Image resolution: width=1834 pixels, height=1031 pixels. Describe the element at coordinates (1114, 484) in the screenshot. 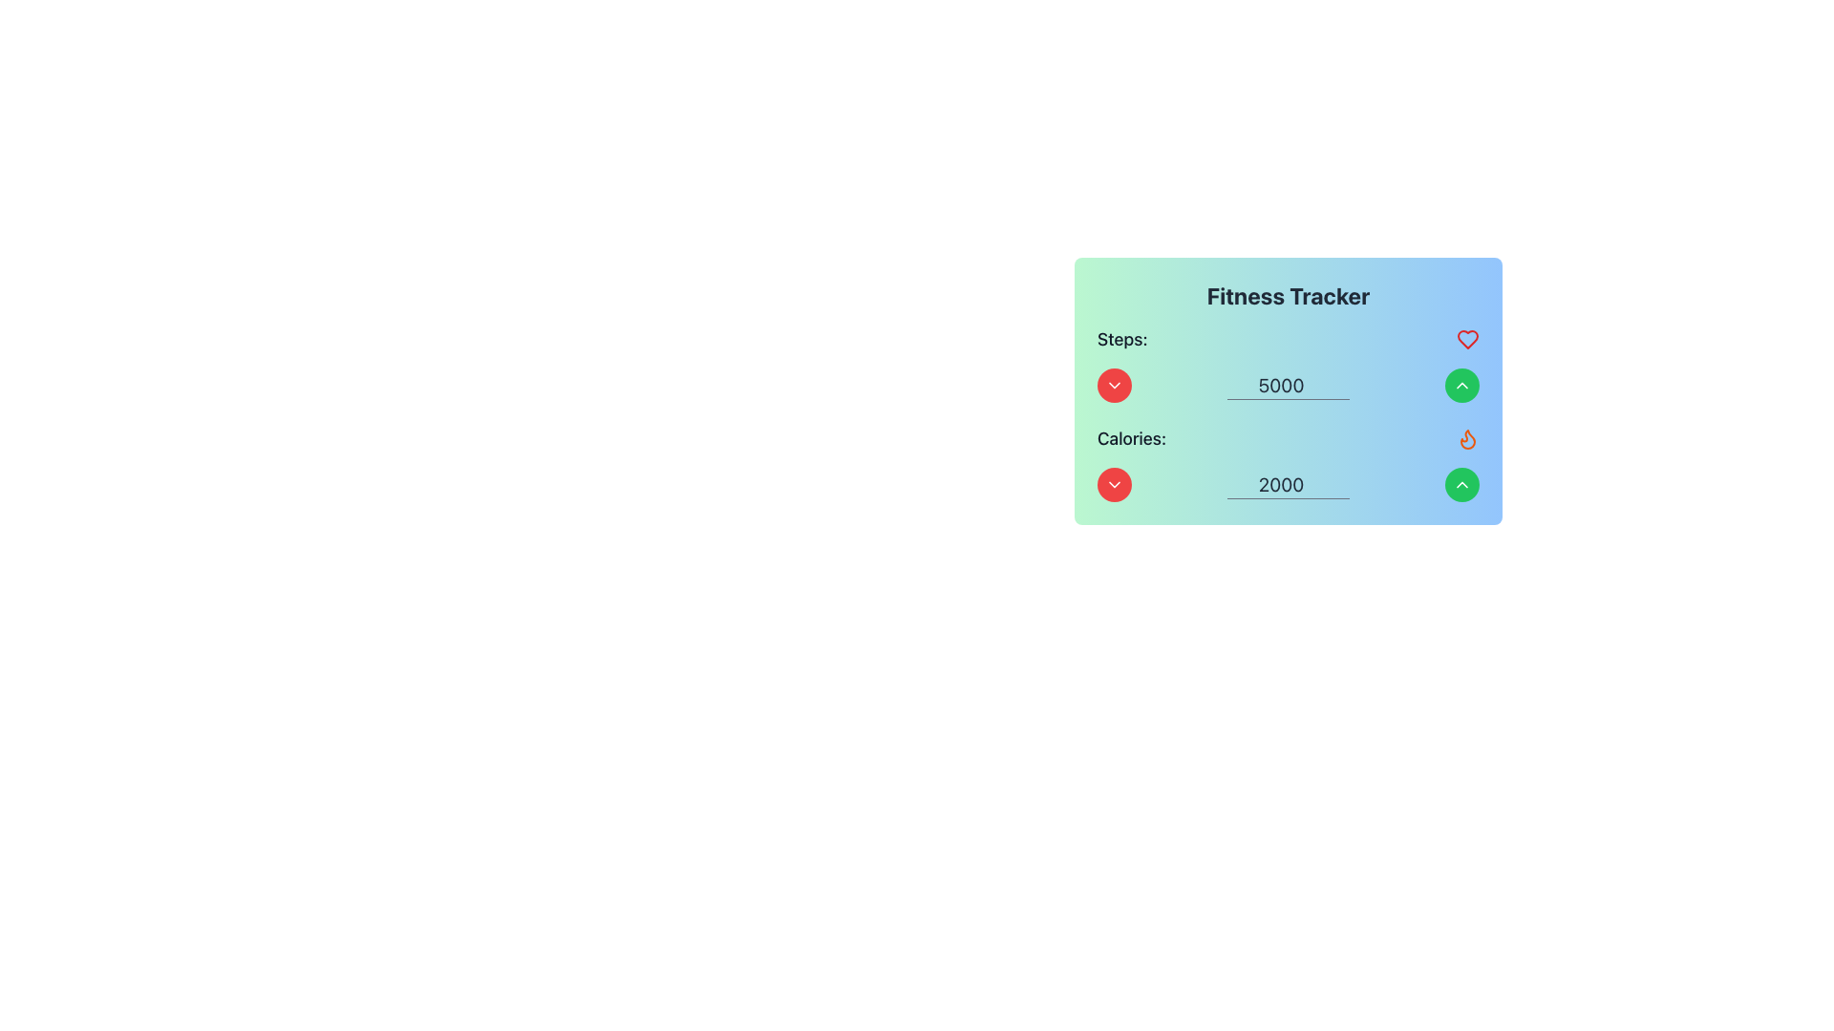

I see `the vibrant red rounded button with a white downward-pointing chevron icon to trigger a visual response` at that location.